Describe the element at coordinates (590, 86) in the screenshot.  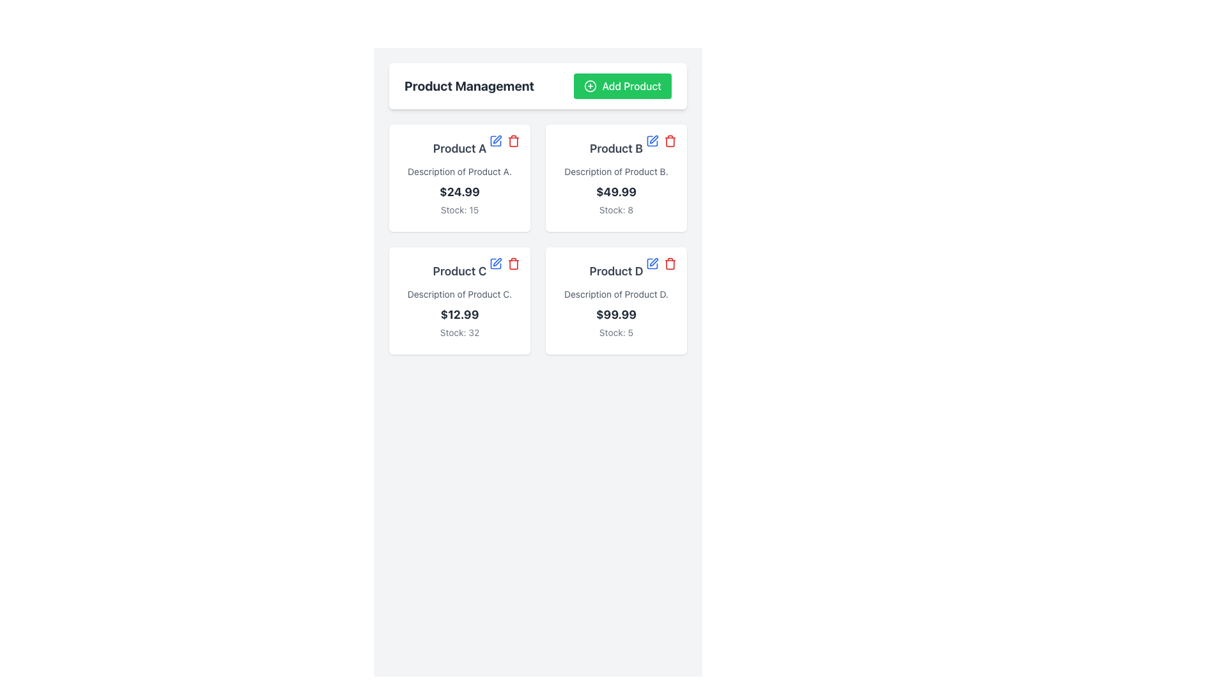
I see `the 'Add Product' button which features a decorative element in its SVG icon, located in the top-right region next to the 'Product Management' text header` at that location.